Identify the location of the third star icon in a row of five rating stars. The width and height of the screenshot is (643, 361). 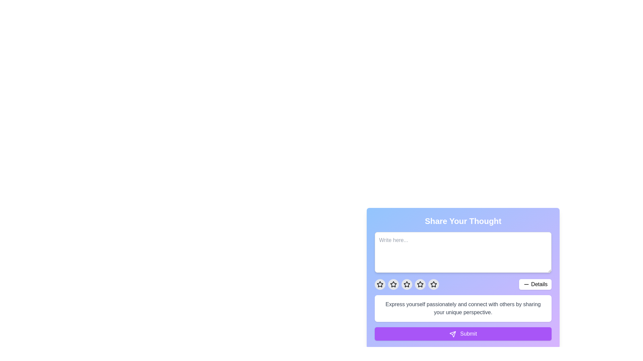
(406, 284).